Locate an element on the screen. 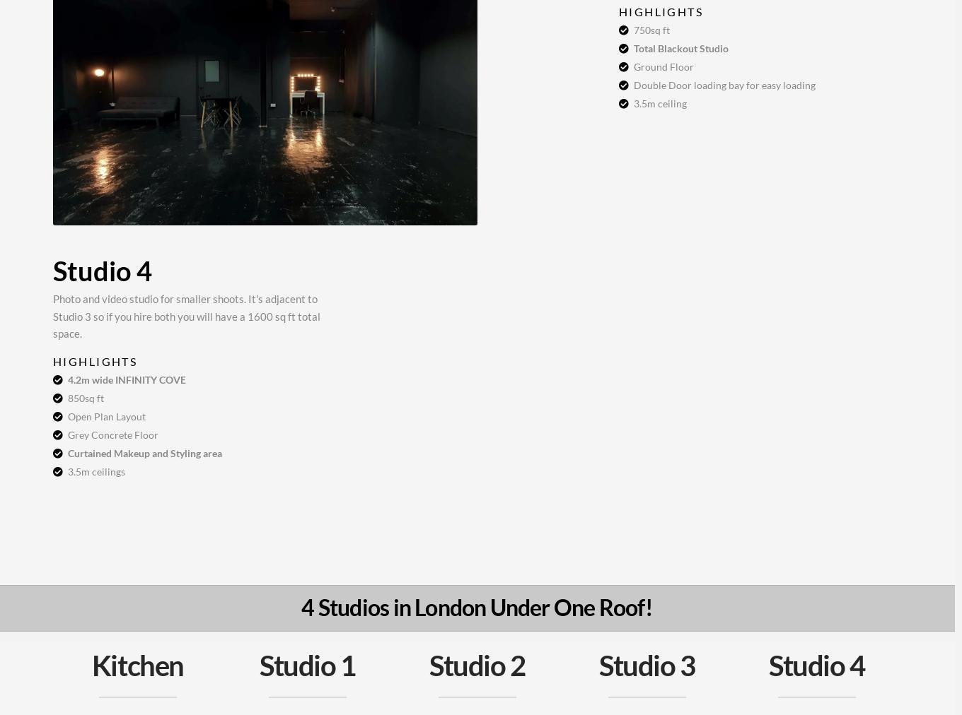  'Grey Concrete Floor' is located at coordinates (112, 433).